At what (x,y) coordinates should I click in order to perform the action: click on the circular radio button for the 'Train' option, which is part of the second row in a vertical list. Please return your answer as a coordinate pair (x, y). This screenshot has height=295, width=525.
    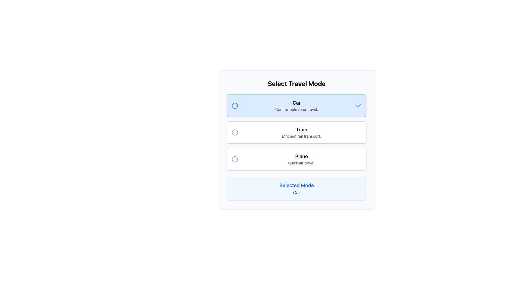
    Looking at the image, I should click on (235, 132).